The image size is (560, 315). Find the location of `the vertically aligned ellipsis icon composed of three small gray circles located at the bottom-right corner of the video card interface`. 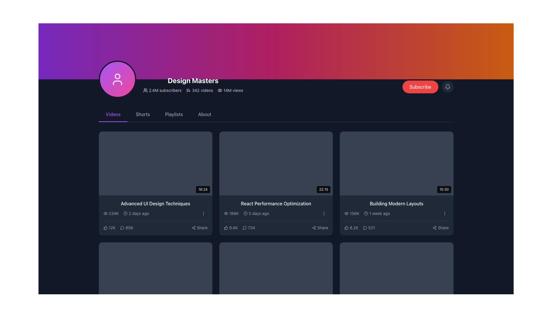

the vertically aligned ellipsis icon composed of three small gray circles located at the bottom-right corner of the video card interface is located at coordinates (444, 213).